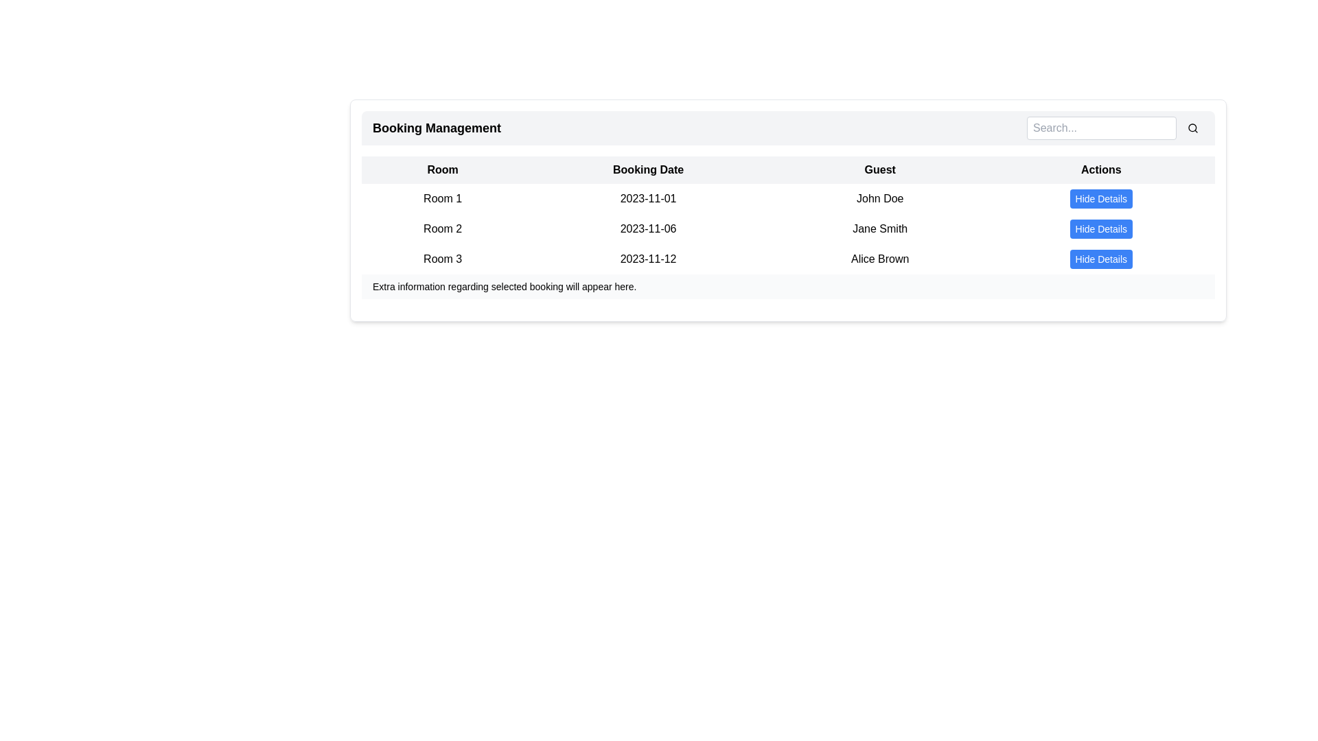 Image resolution: width=1318 pixels, height=741 pixels. I want to click on the Text label that displays the guest name associated with a booking entry, located in the third row of the table under the 'Guest' column, so click(880, 259).